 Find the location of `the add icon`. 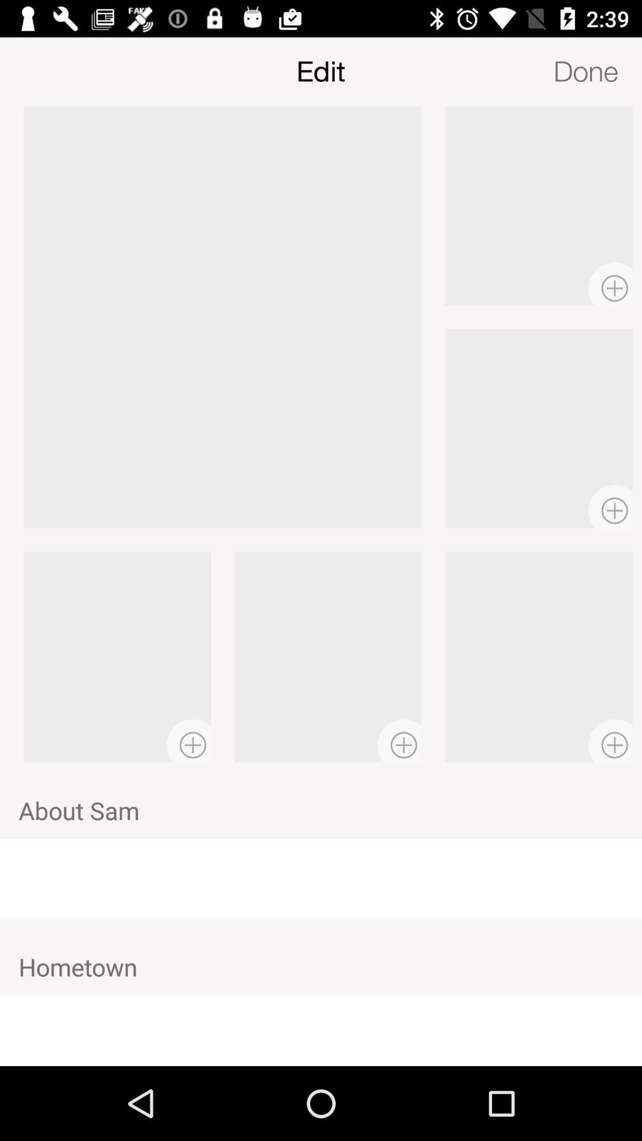

the add icon is located at coordinates (610, 506).